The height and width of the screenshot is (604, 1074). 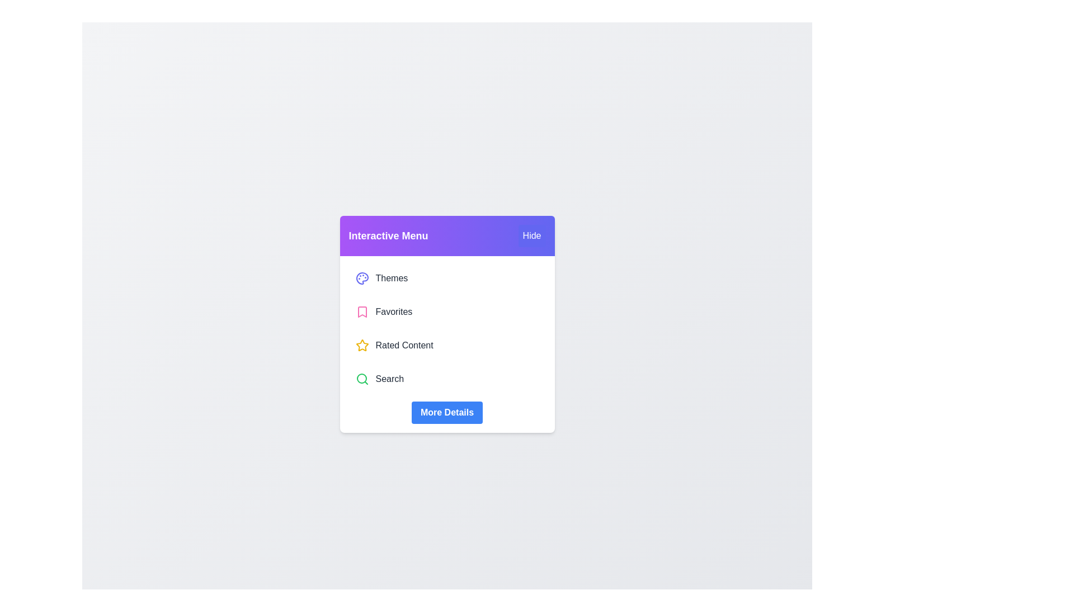 What do you see at coordinates (446, 312) in the screenshot?
I see `the menu item labeled Favorites` at bounding box center [446, 312].